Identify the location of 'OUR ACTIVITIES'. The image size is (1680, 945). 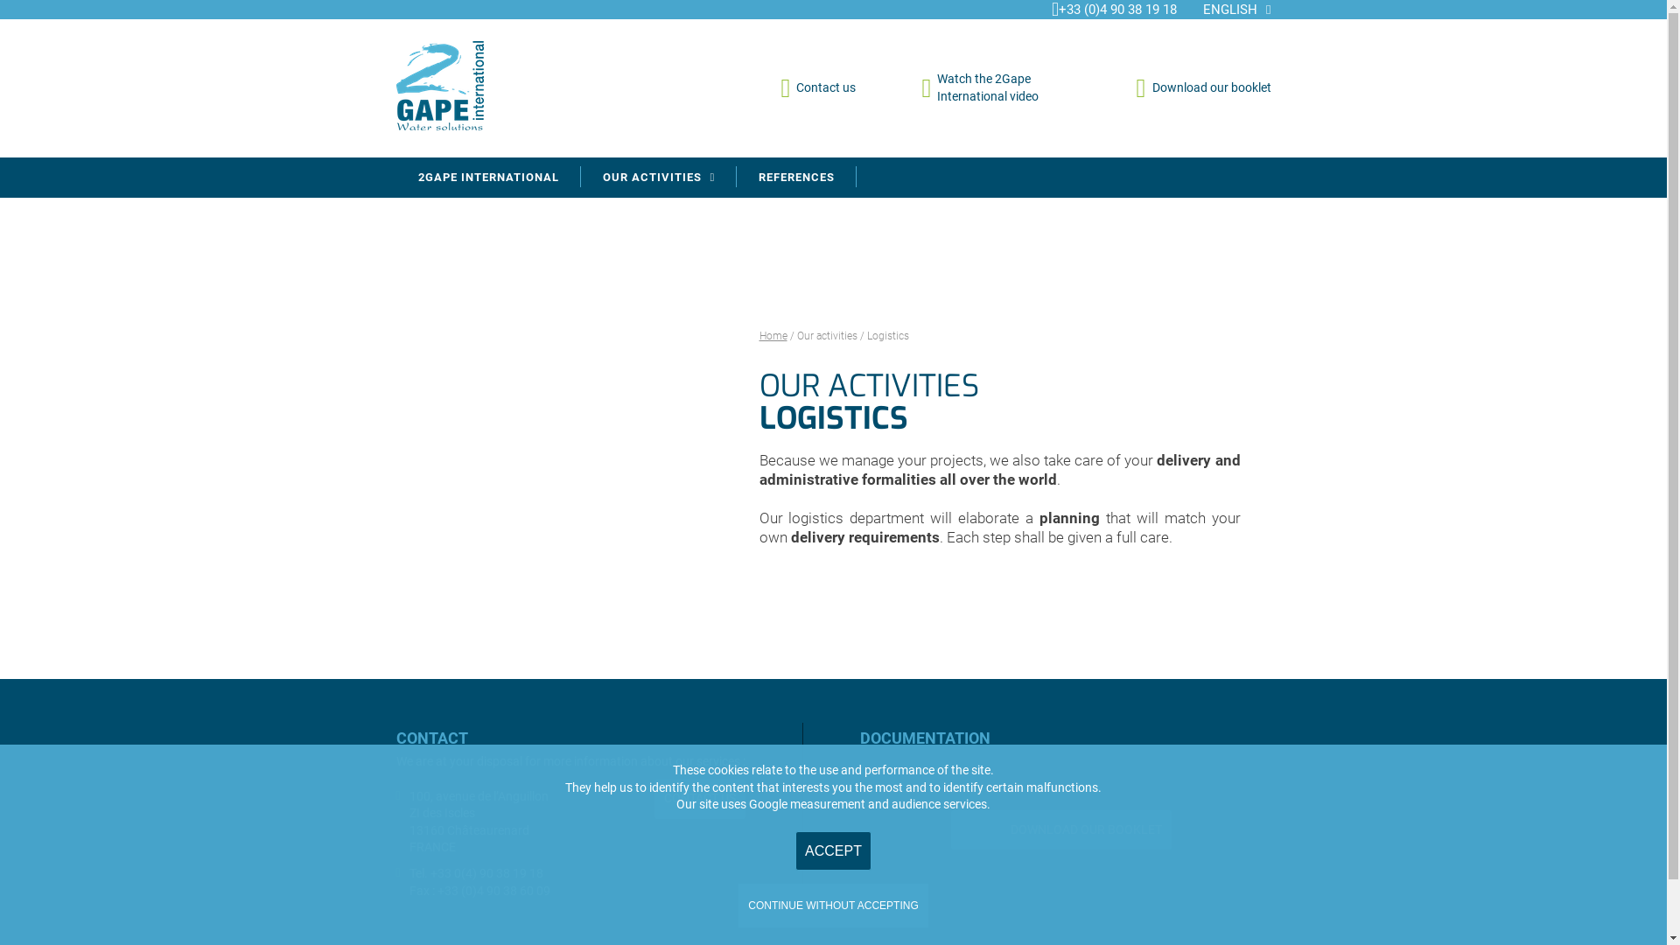
(658, 178).